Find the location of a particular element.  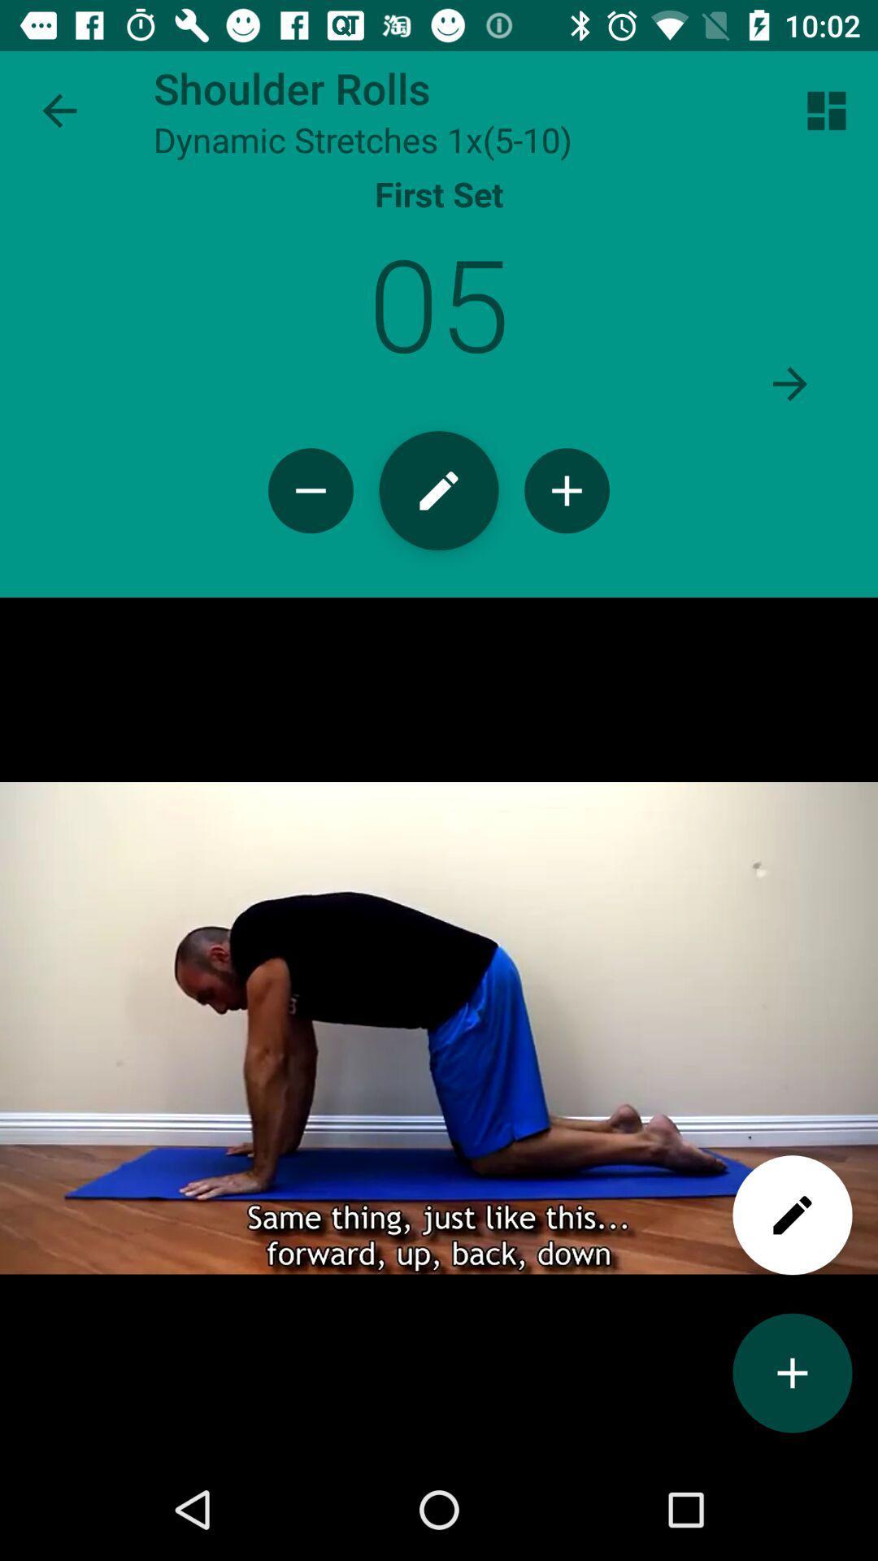

the add icon is located at coordinates (792, 1469).